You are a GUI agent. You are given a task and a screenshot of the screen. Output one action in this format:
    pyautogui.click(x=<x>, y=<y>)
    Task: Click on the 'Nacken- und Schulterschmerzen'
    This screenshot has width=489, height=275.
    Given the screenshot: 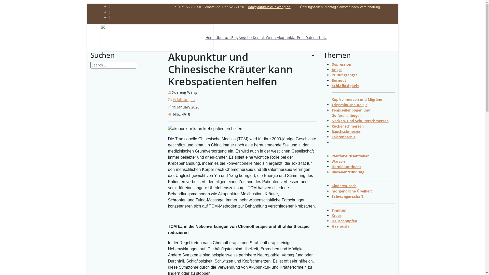 What is the action you would take?
    pyautogui.click(x=360, y=121)
    